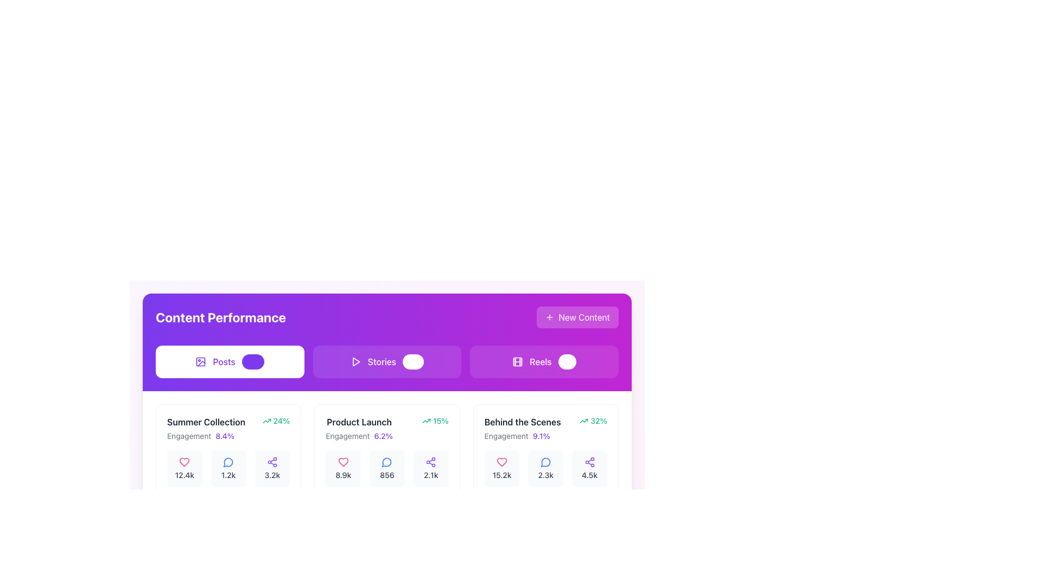 The width and height of the screenshot is (1042, 586). Describe the element at coordinates (589, 468) in the screenshot. I see `the Statistical display component displaying '4.5k' with a violet share icon and gray background located in the 'Behind the Scenes' section` at that location.